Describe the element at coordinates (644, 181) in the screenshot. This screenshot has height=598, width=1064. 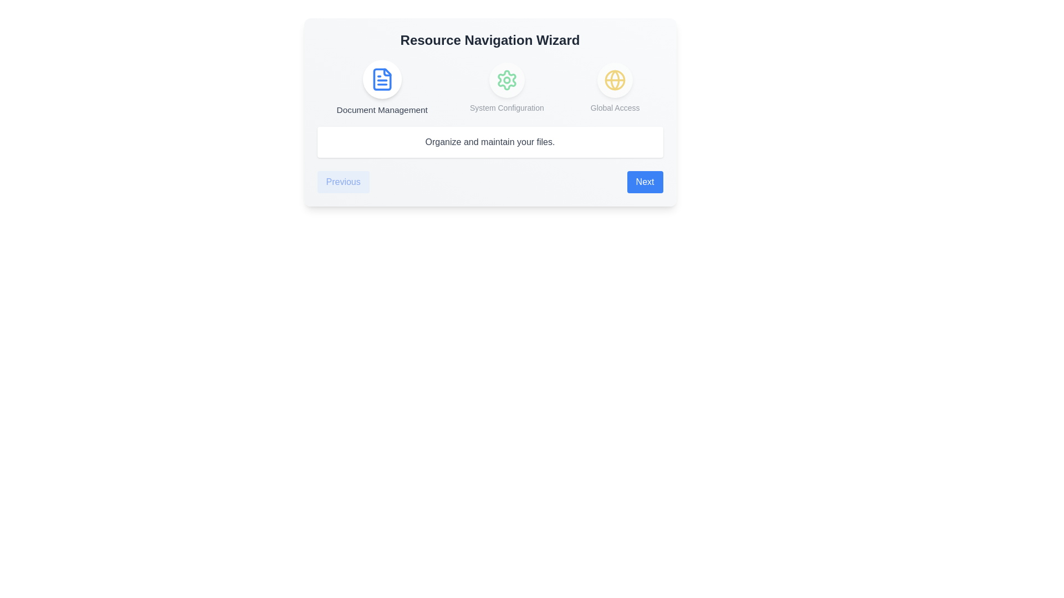
I see `the 'Next' button to proceed to the next step` at that location.